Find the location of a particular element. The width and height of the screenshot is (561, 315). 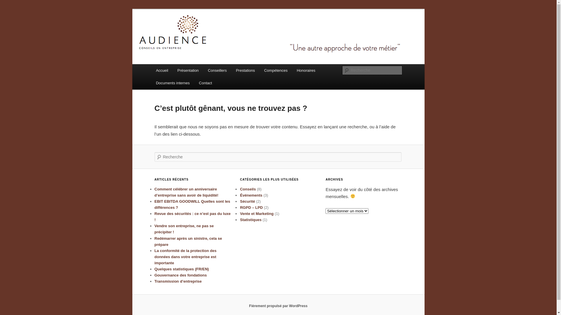

'Gouvernance des fondations' is located at coordinates (180, 275).